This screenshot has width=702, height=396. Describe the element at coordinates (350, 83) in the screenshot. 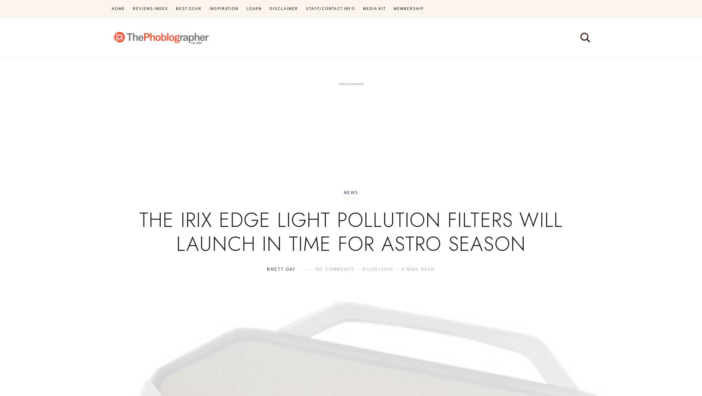

I see `'Advertisement'` at that location.